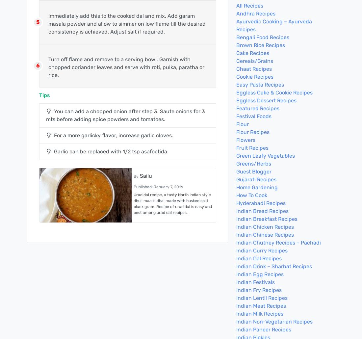 The height and width of the screenshot is (339, 362). Describe the element at coordinates (267, 219) in the screenshot. I see `'Indian Breakfast Recipes'` at that location.